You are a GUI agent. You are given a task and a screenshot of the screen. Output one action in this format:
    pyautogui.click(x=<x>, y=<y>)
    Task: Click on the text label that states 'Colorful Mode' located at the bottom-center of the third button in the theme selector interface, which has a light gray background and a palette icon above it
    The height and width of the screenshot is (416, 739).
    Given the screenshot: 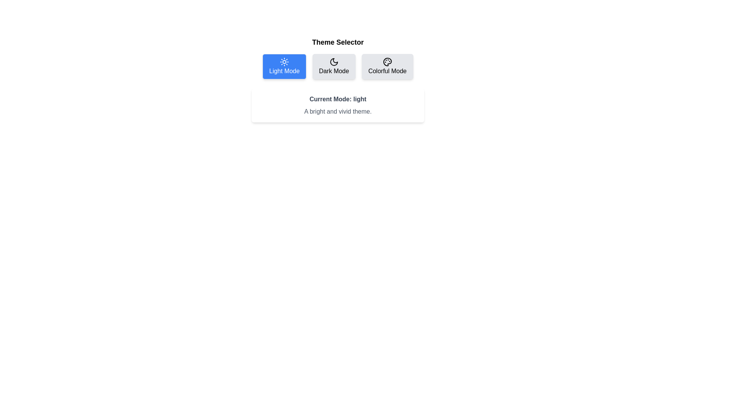 What is the action you would take?
    pyautogui.click(x=387, y=71)
    